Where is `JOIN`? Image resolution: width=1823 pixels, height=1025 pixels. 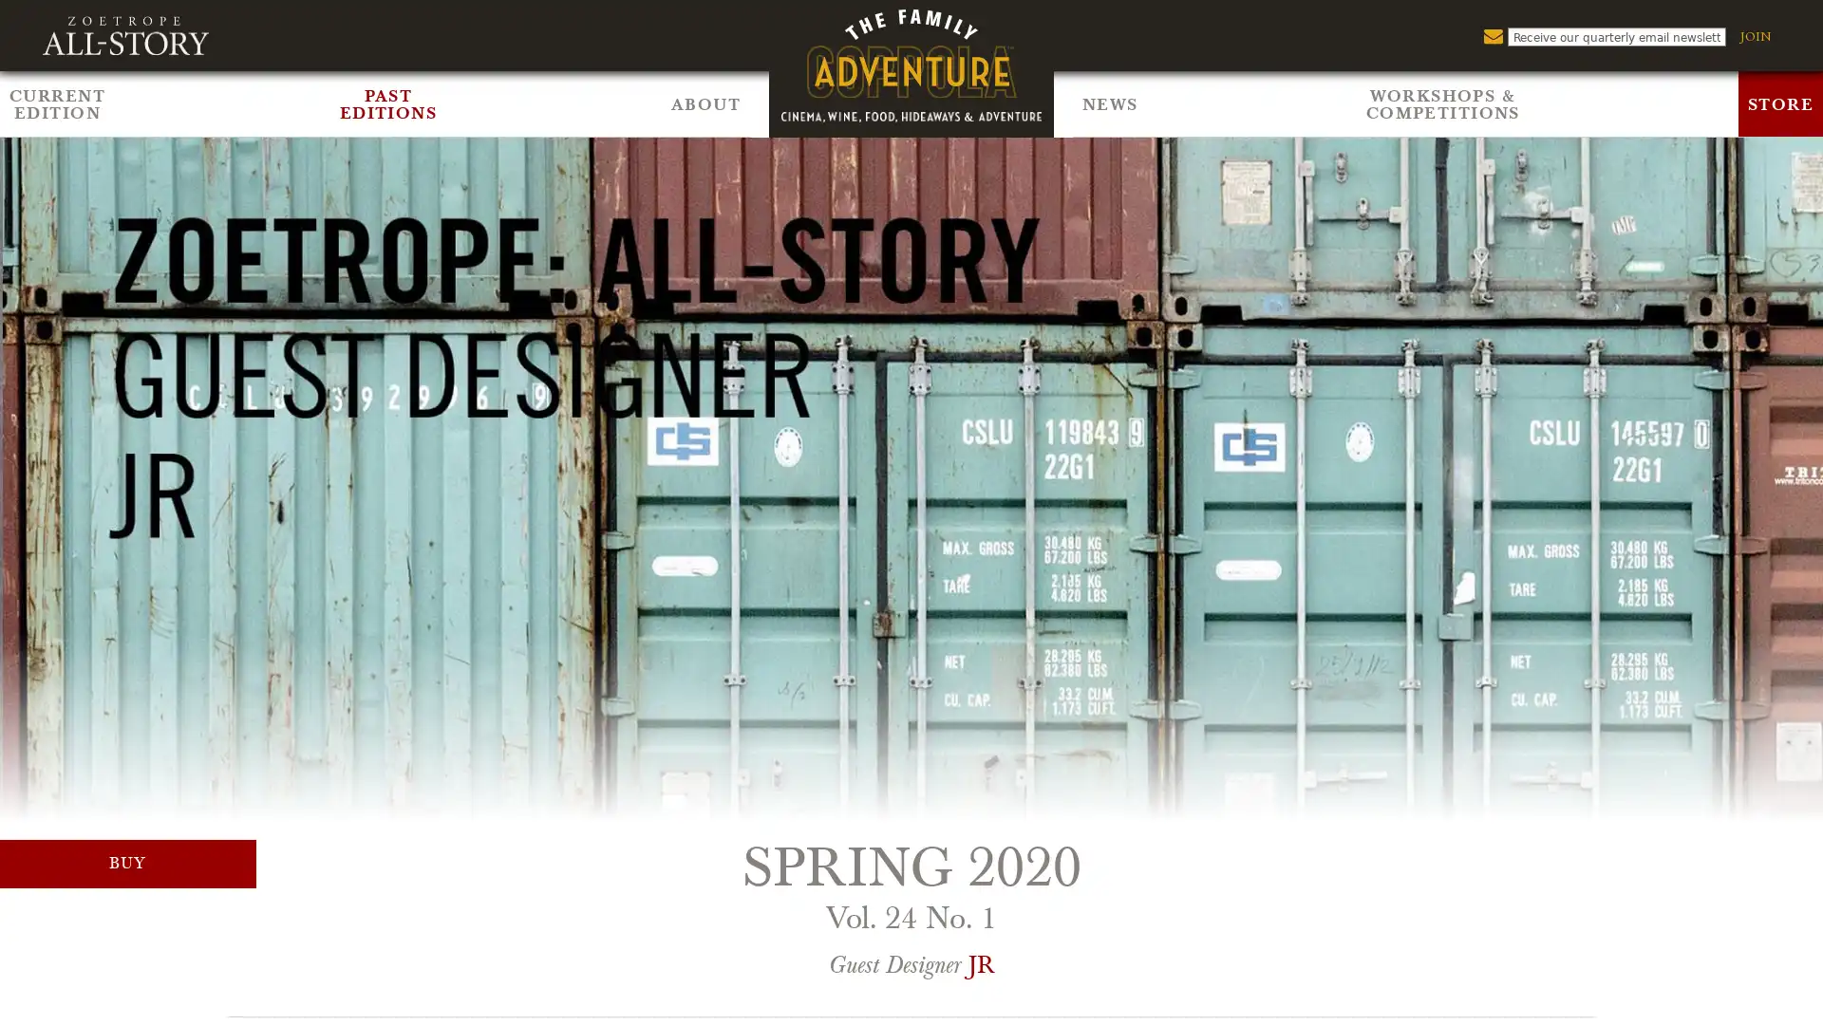 JOIN is located at coordinates (1754, 36).